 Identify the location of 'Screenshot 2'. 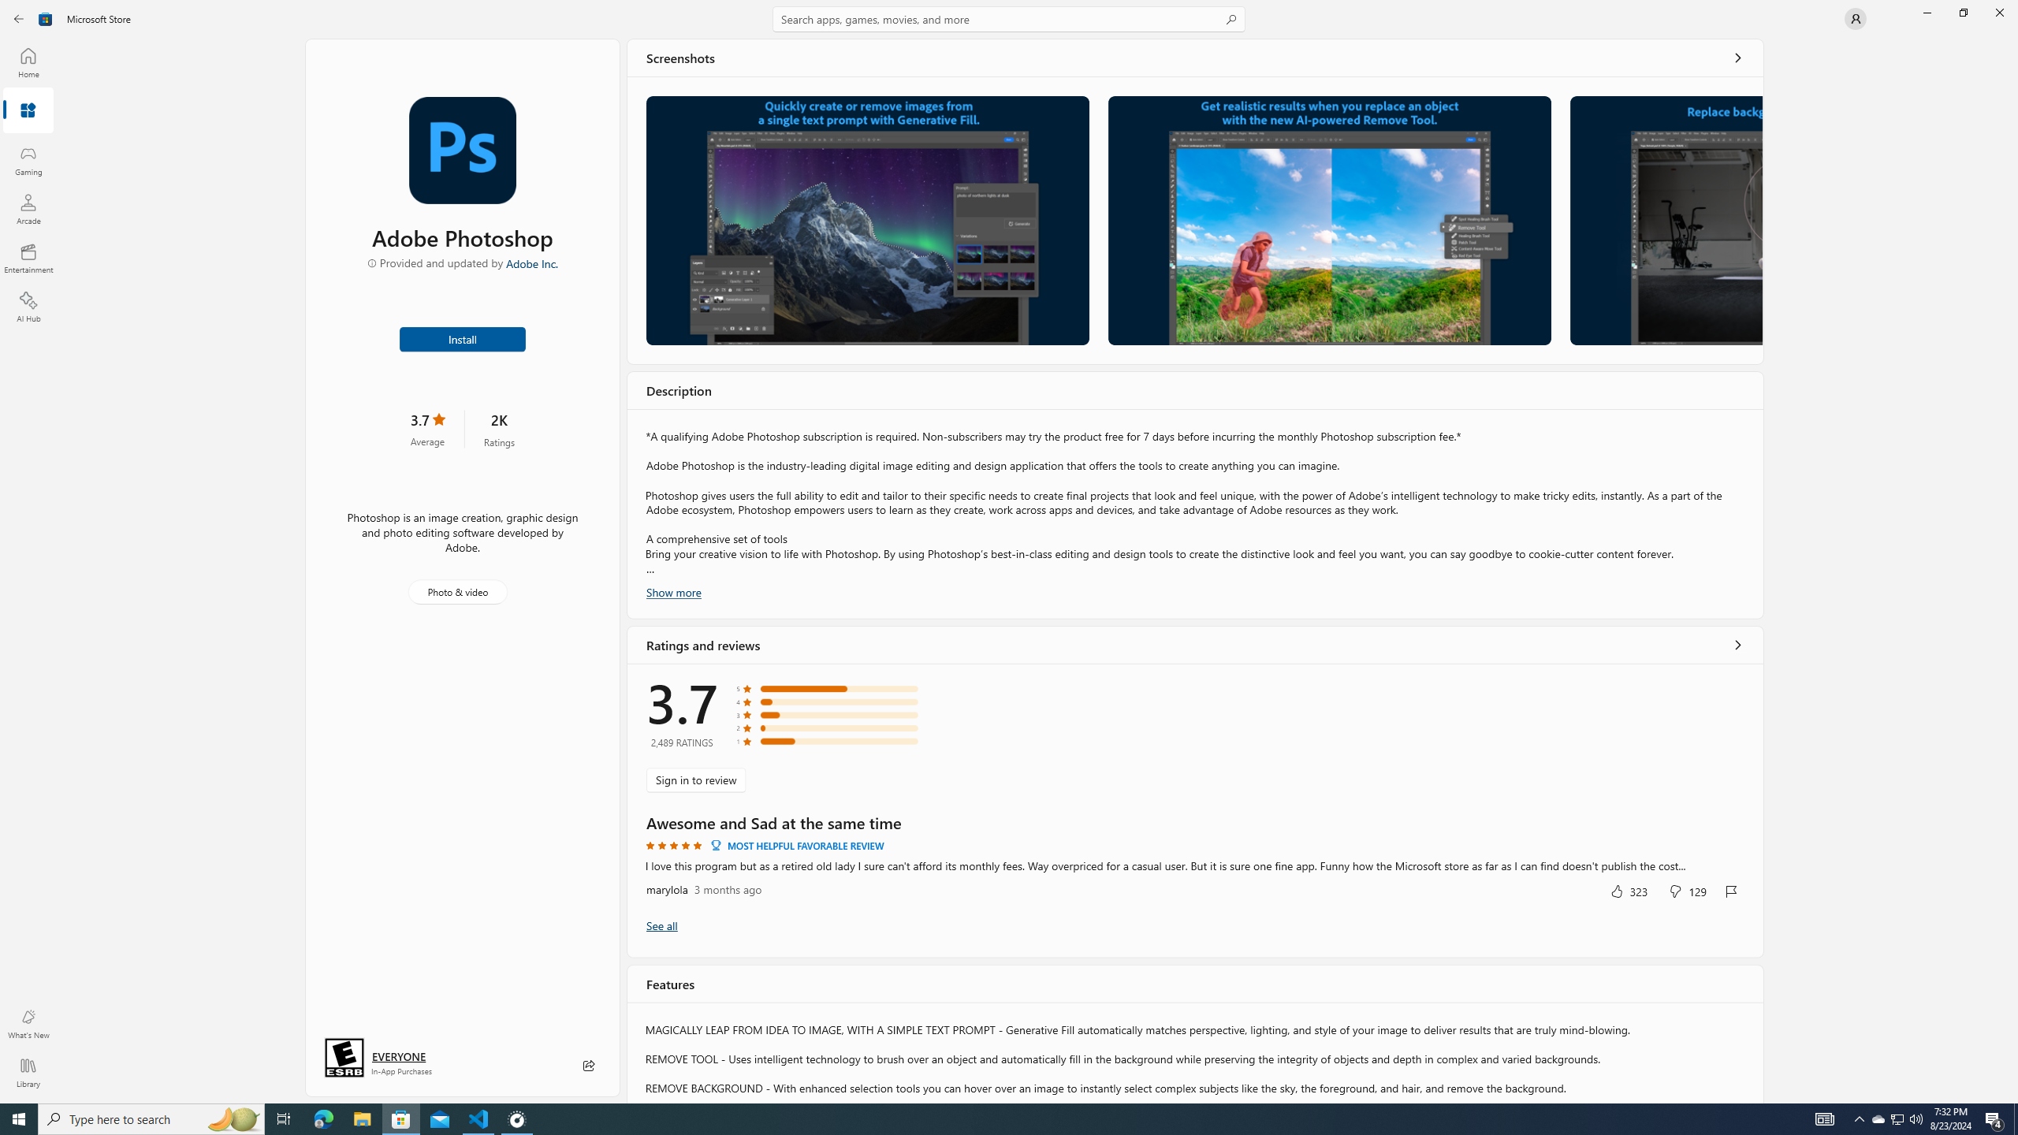
(1330, 220).